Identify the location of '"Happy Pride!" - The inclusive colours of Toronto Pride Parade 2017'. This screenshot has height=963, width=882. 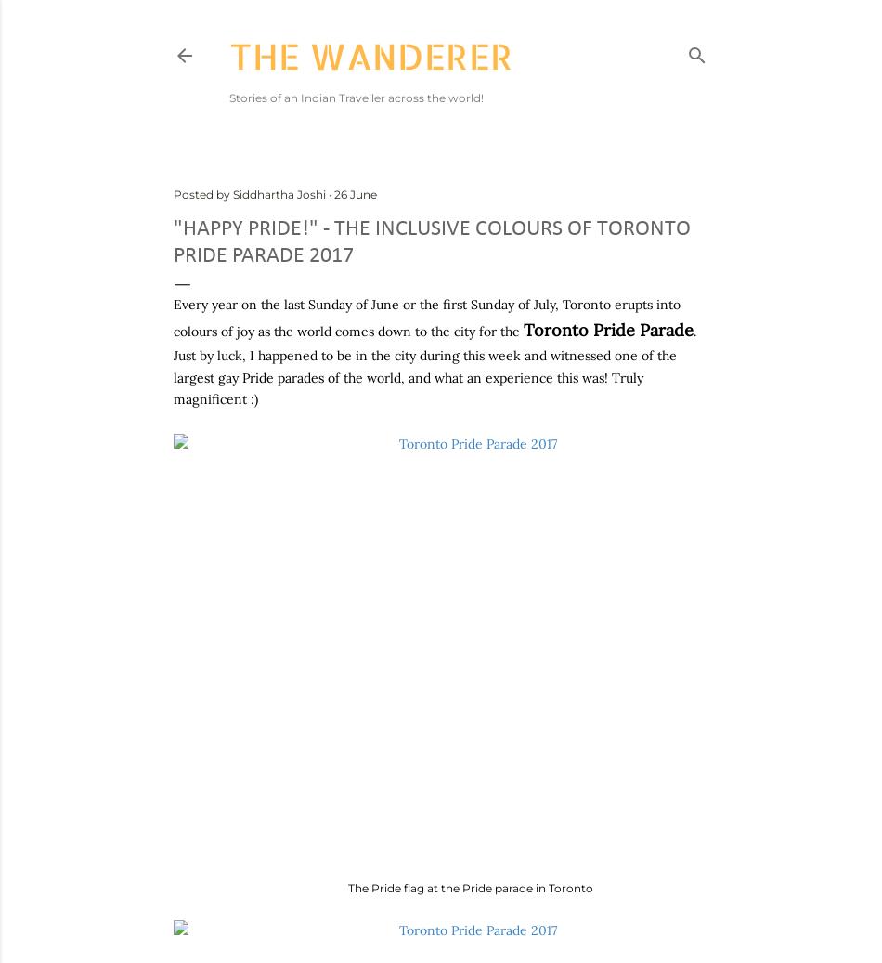
(173, 241).